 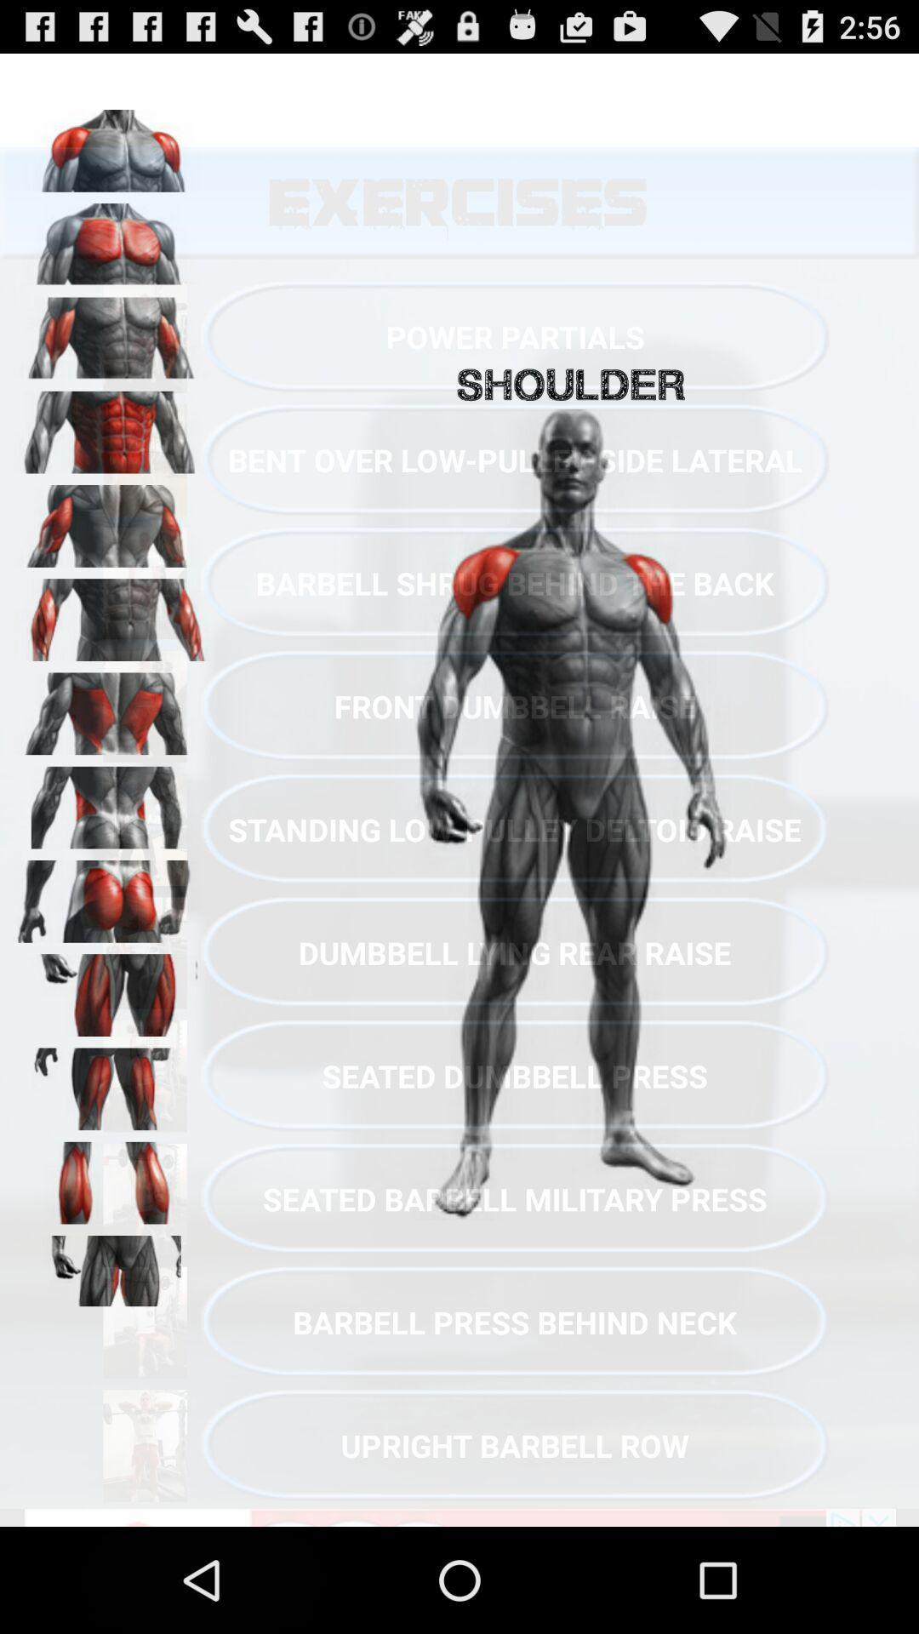 I want to click on show lower back, so click(x=111, y=801).